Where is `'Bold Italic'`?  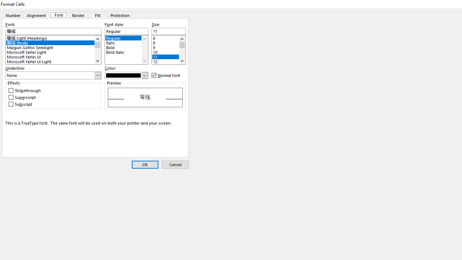 'Bold Italic' is located at coordinates (126, 51).